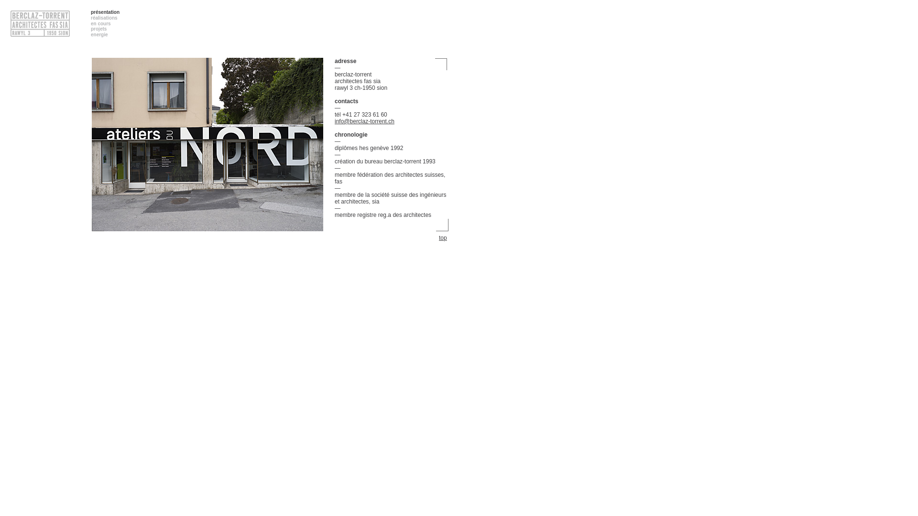 This screenshot has height=516, width=918. Describe the element at coordinates (91, 23) in the screenshot. I see `'en cours'` at that location.